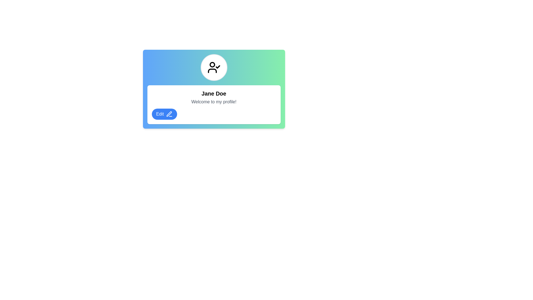 The image size is (533, 300). I want to click on the pen icon within the blue rounded button labeled 'Edit', so click(169, 114).